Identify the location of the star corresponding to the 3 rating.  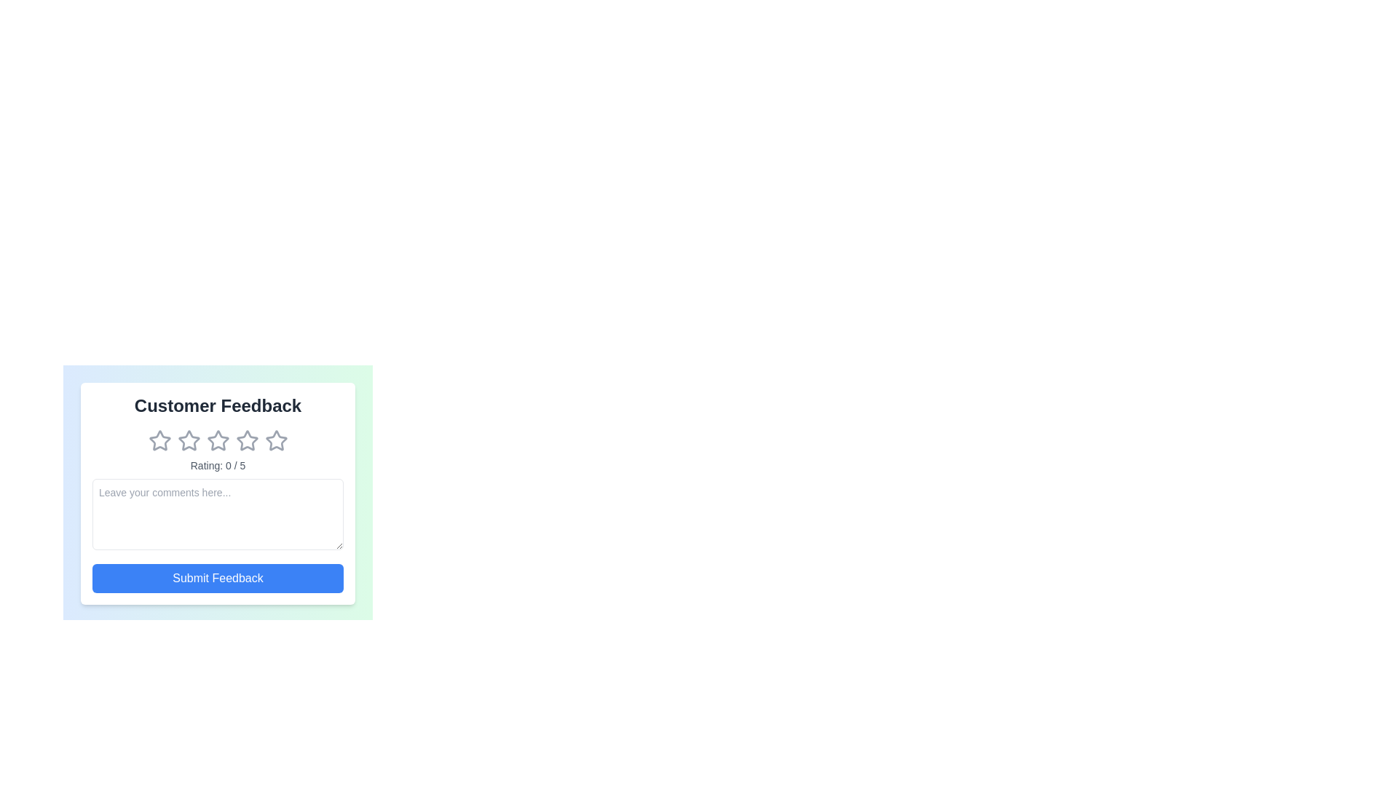
(217, 440).